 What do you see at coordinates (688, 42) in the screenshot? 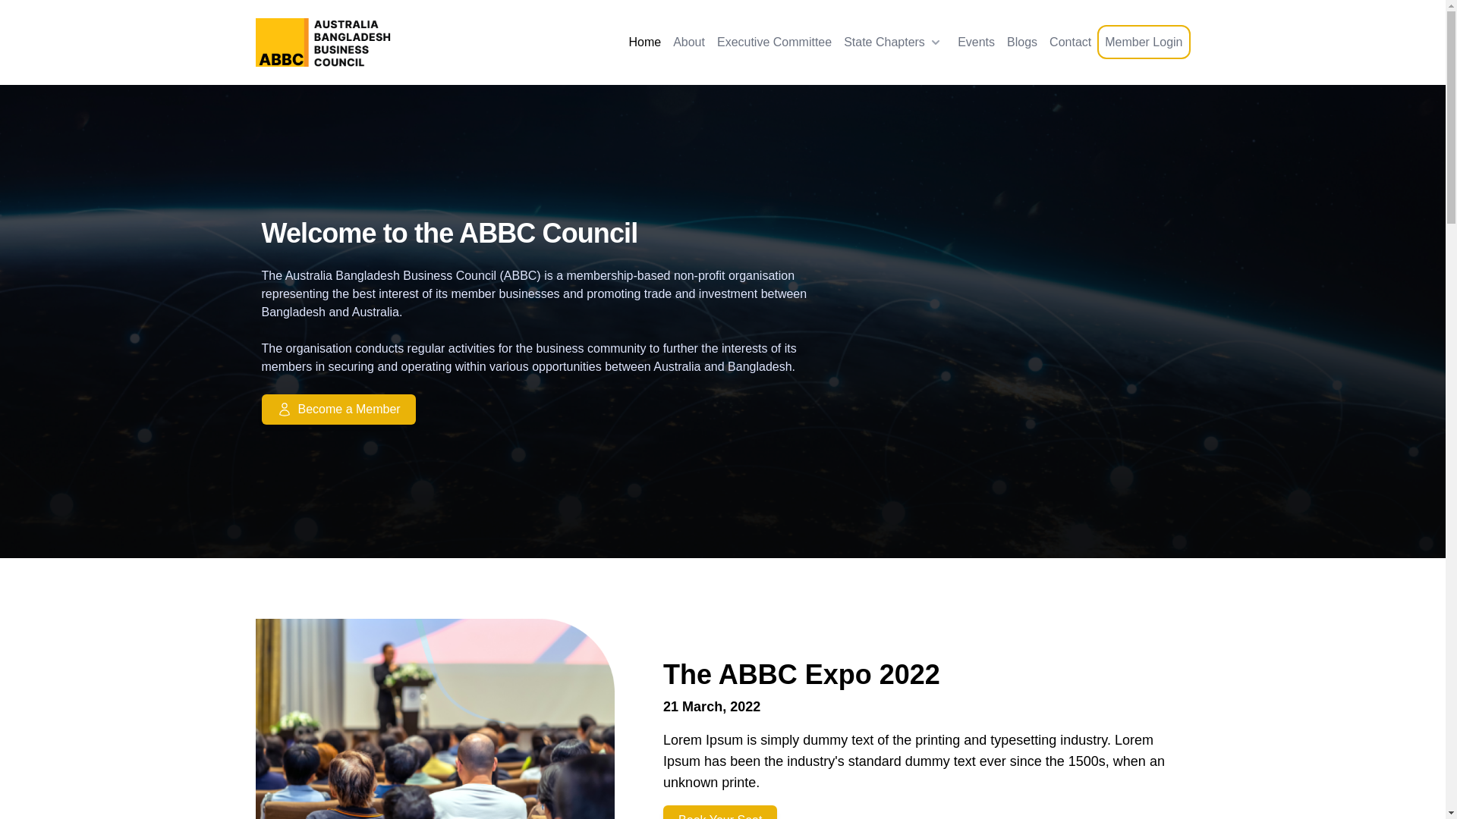
I see `'About'` at bounding box center [688, 42].